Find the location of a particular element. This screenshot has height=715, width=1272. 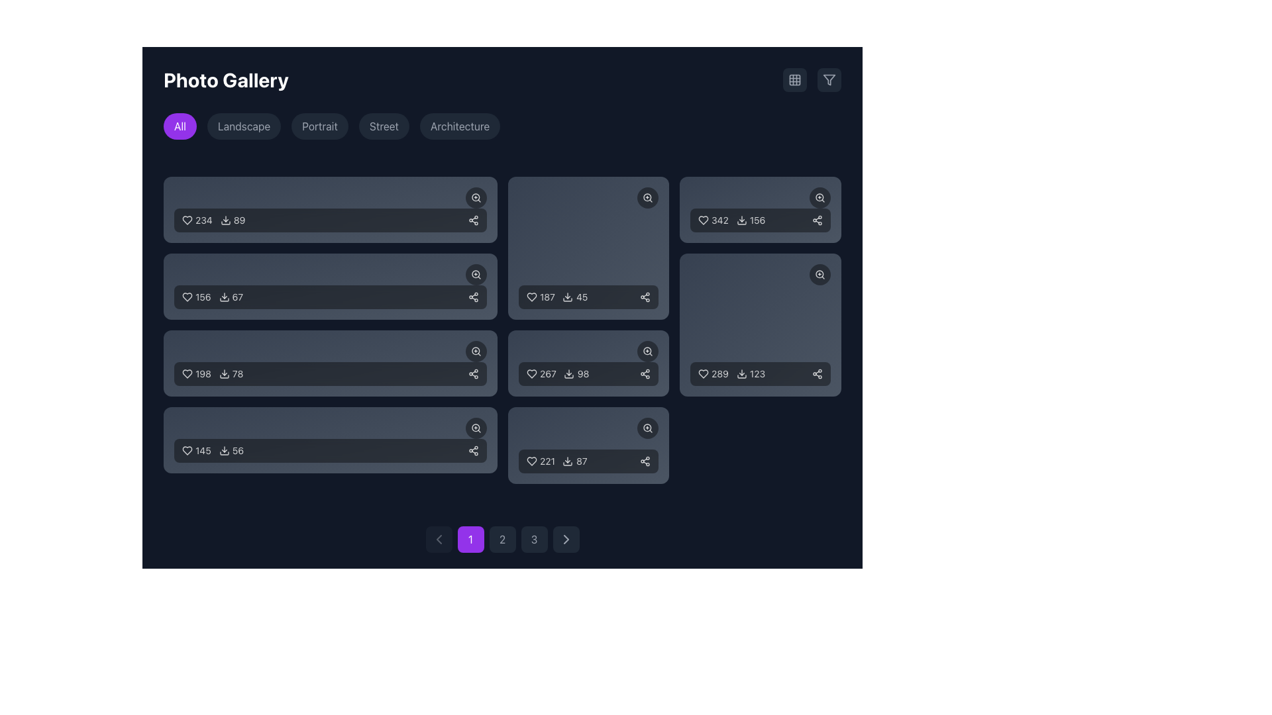

the heart-shaped outline icon located in the top-right segment of the grid layout, positioned to the left of the numeric label '342' is located at coordinates (703, 219).